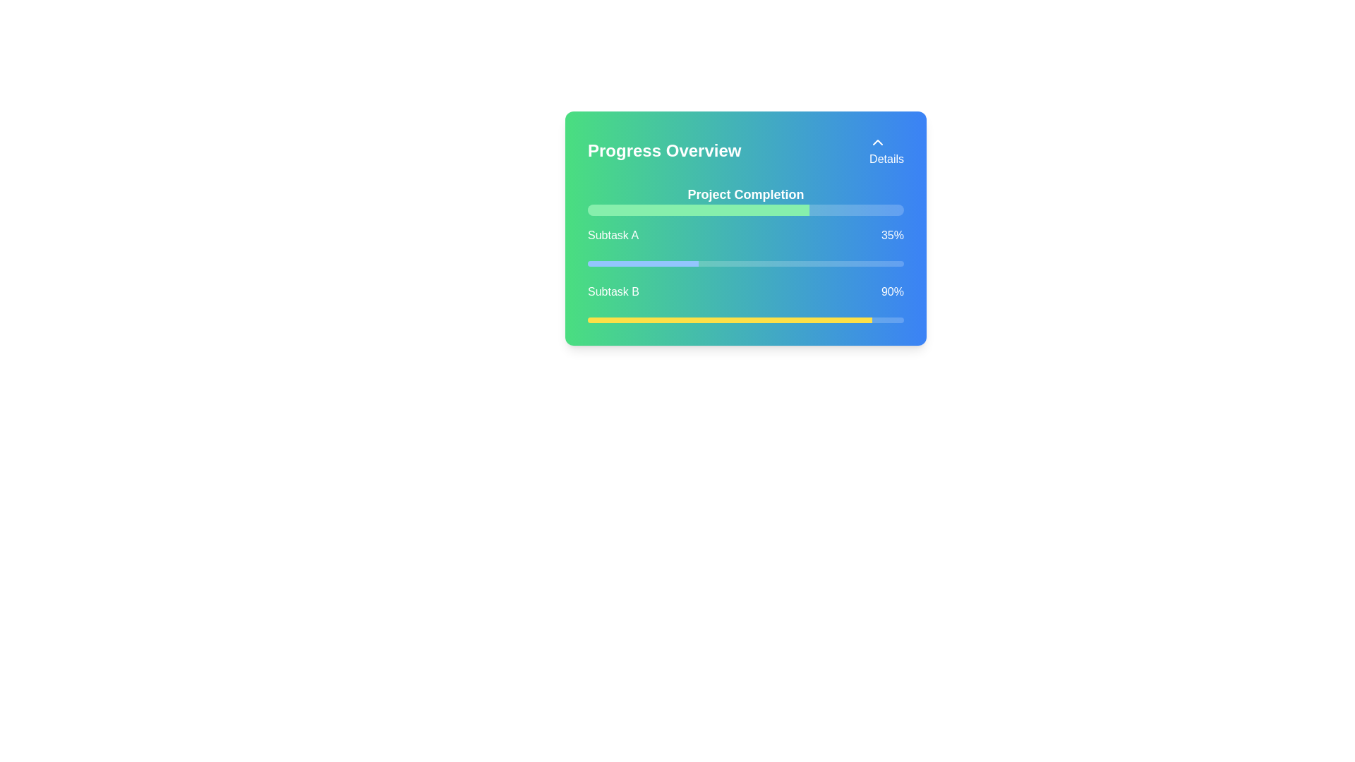 This screenshot has width=1355, height=762. Describe the element at coordinates (891, 291) in the screenshot. I see `the Text label displaying '90%' in white on a blue background, positioned to the right of the 'Subtask B' label` at that location.